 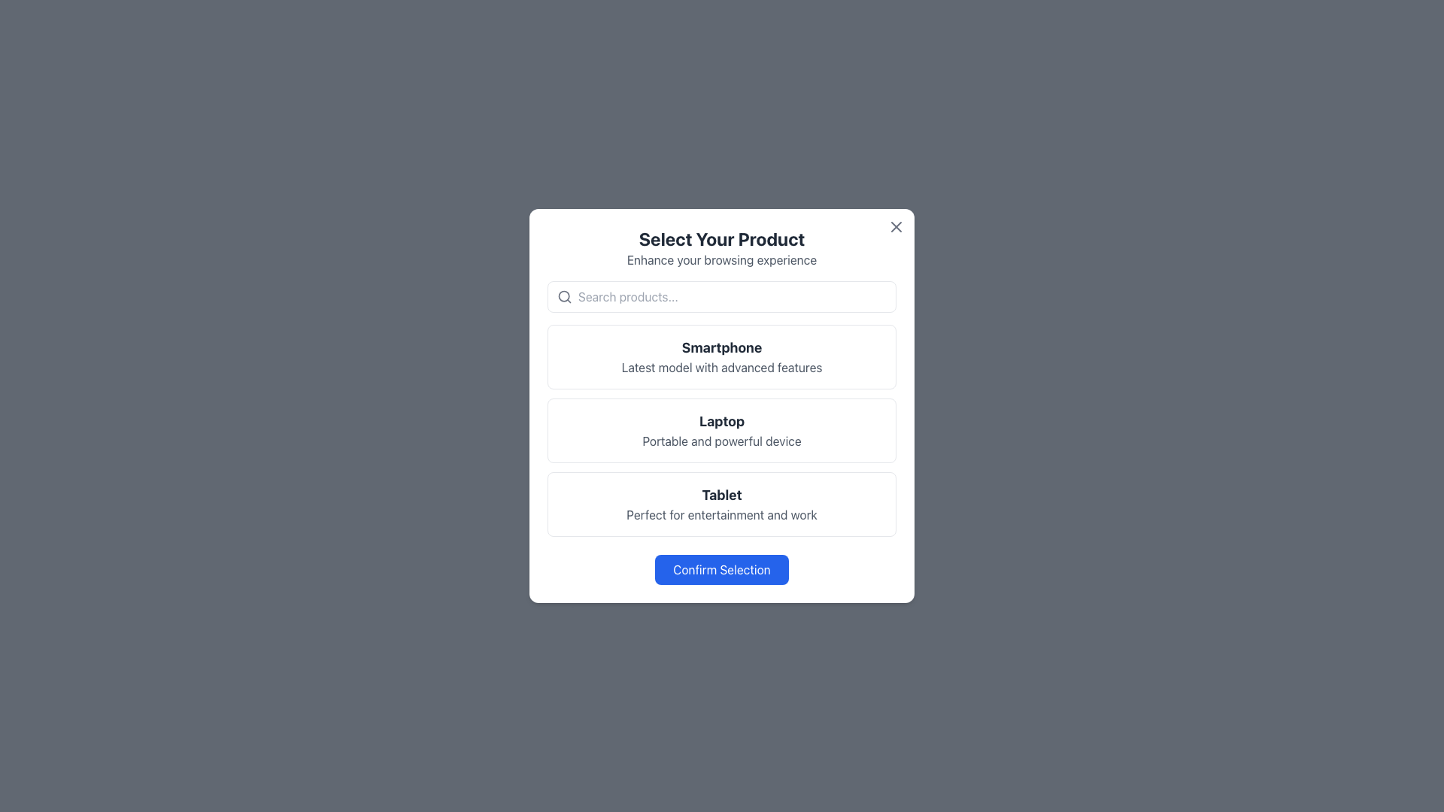 What do you see at coordinates (722, 570) in the screenshot?
I see `the confirm button located at the bottom-center of the dialog box to finalize the user's selection` at bounding box center [722, 570].